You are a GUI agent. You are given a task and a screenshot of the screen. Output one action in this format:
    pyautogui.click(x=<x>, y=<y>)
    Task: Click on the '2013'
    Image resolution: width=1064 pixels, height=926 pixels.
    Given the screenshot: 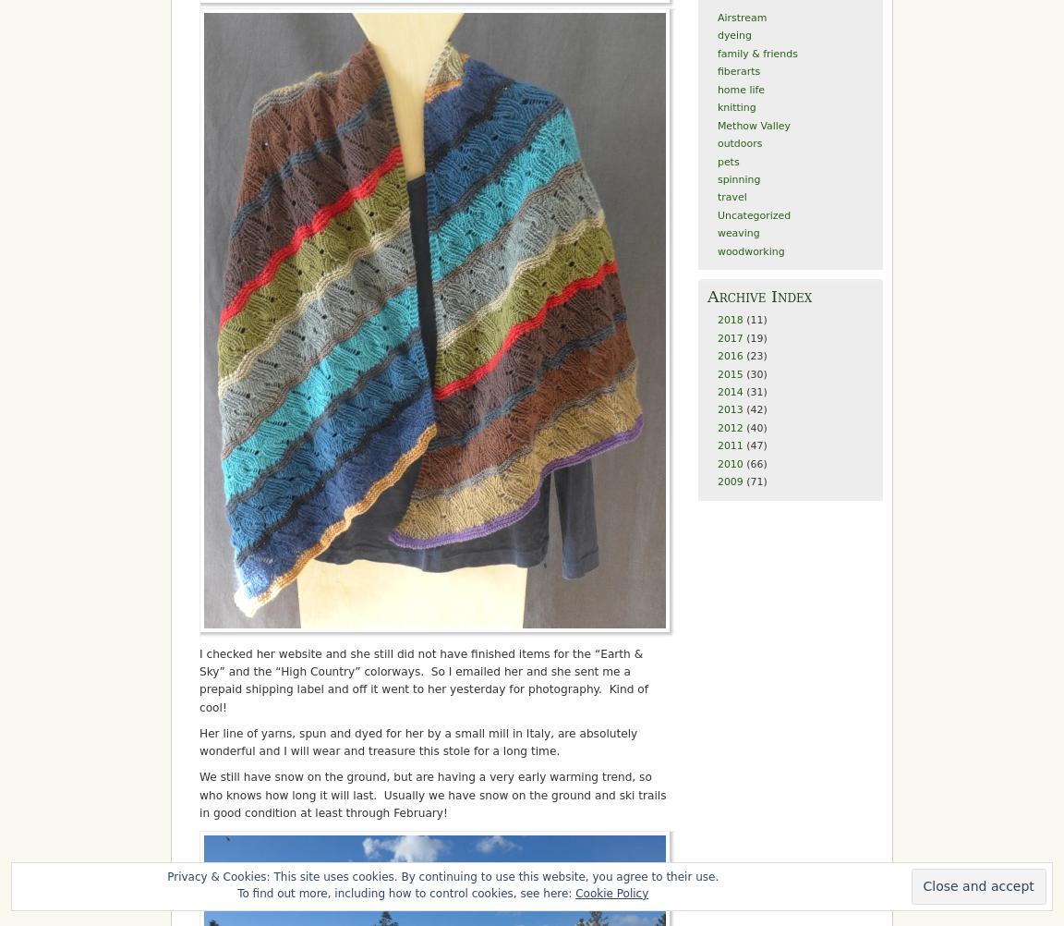 What is the action you would take?
    pyautogui.click(x=716, y=408)
    